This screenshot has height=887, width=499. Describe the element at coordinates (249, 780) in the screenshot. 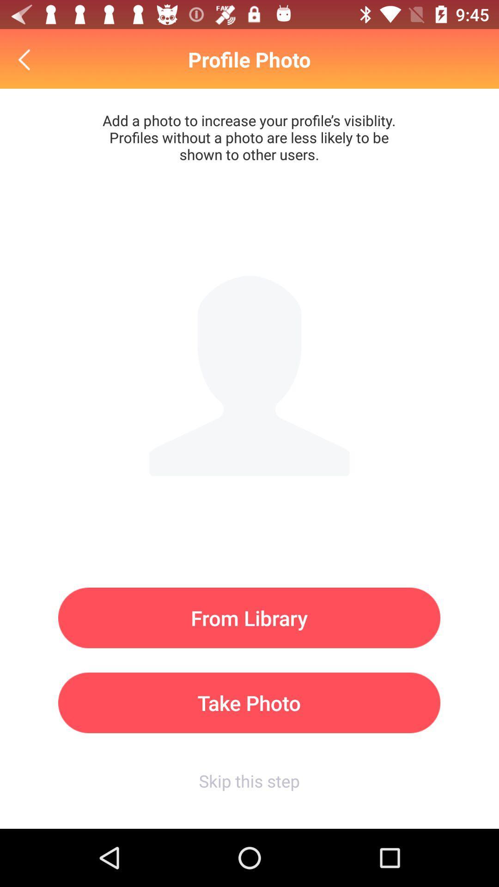

I see `icon below take photo item` at that location.